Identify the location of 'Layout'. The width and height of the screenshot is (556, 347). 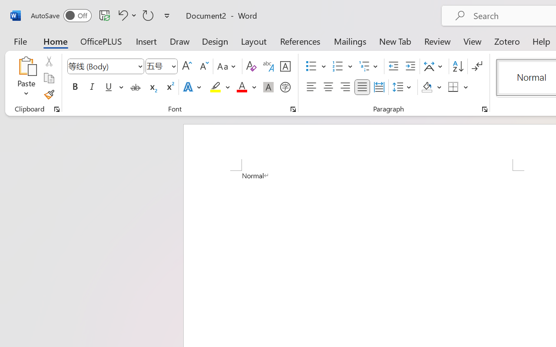
(253, 41).